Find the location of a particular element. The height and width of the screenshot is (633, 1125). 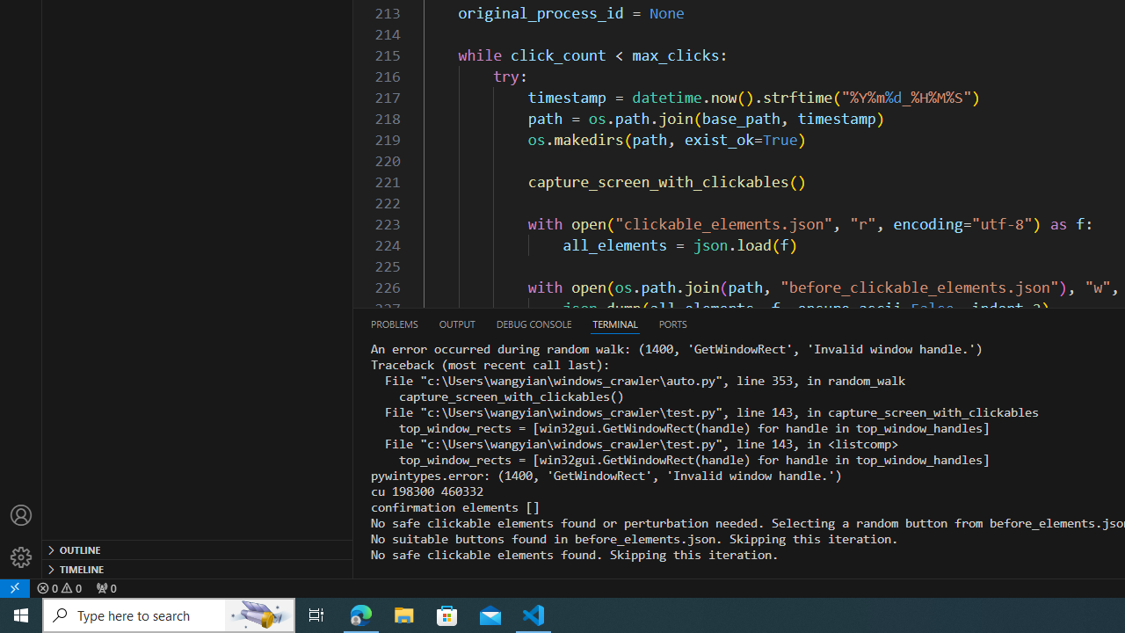

'Manage' is located at coordinates (21, 535).